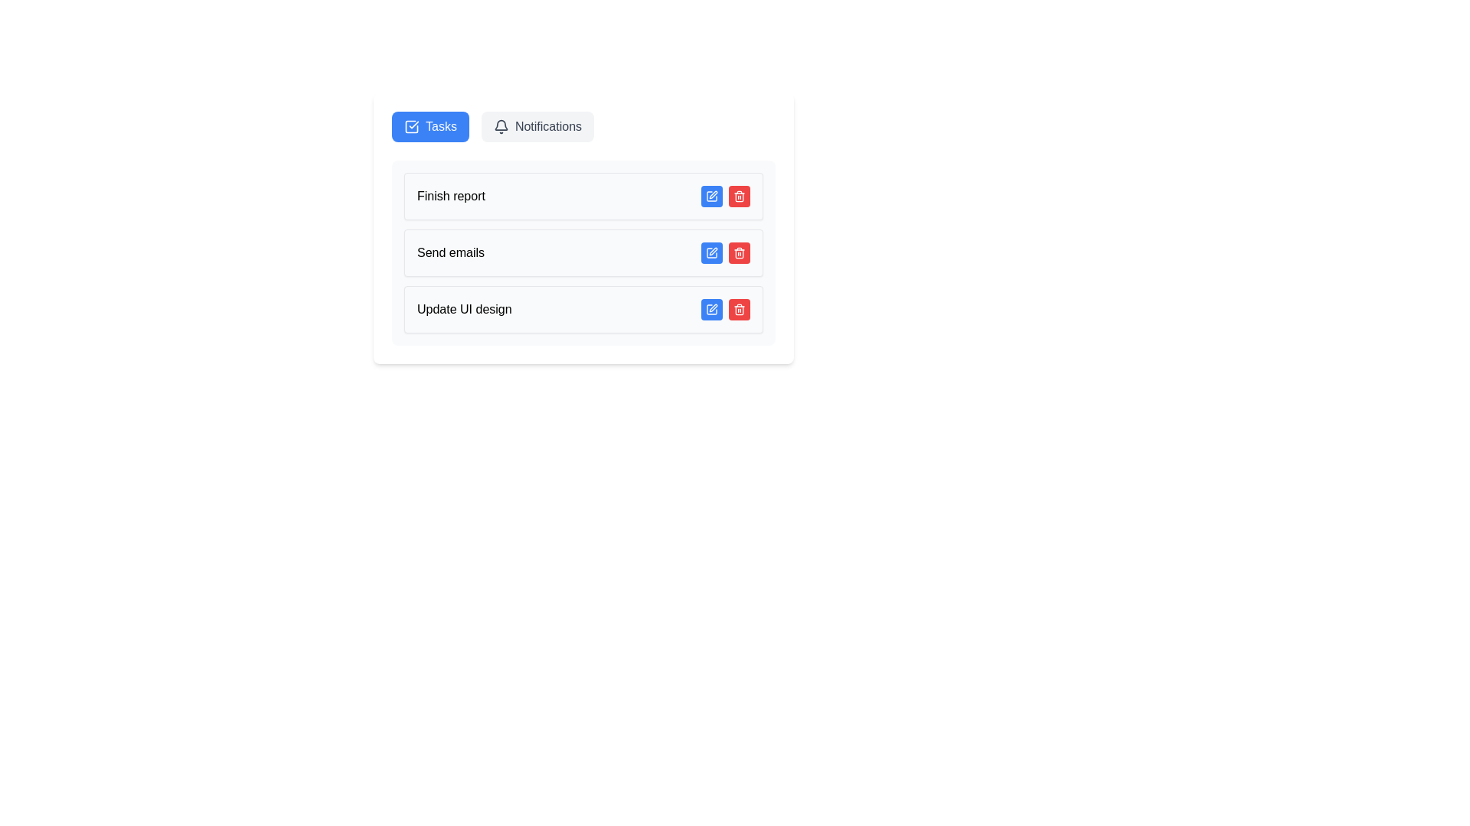 Image resolution: width=1470 pixels, height=826 pixels. What do you see at coordinates (711, 196) in the screenshot?
I see `the blue rounded rectangle button with a white pen icon located next to the red trash button` at bounding box center [711, 196].